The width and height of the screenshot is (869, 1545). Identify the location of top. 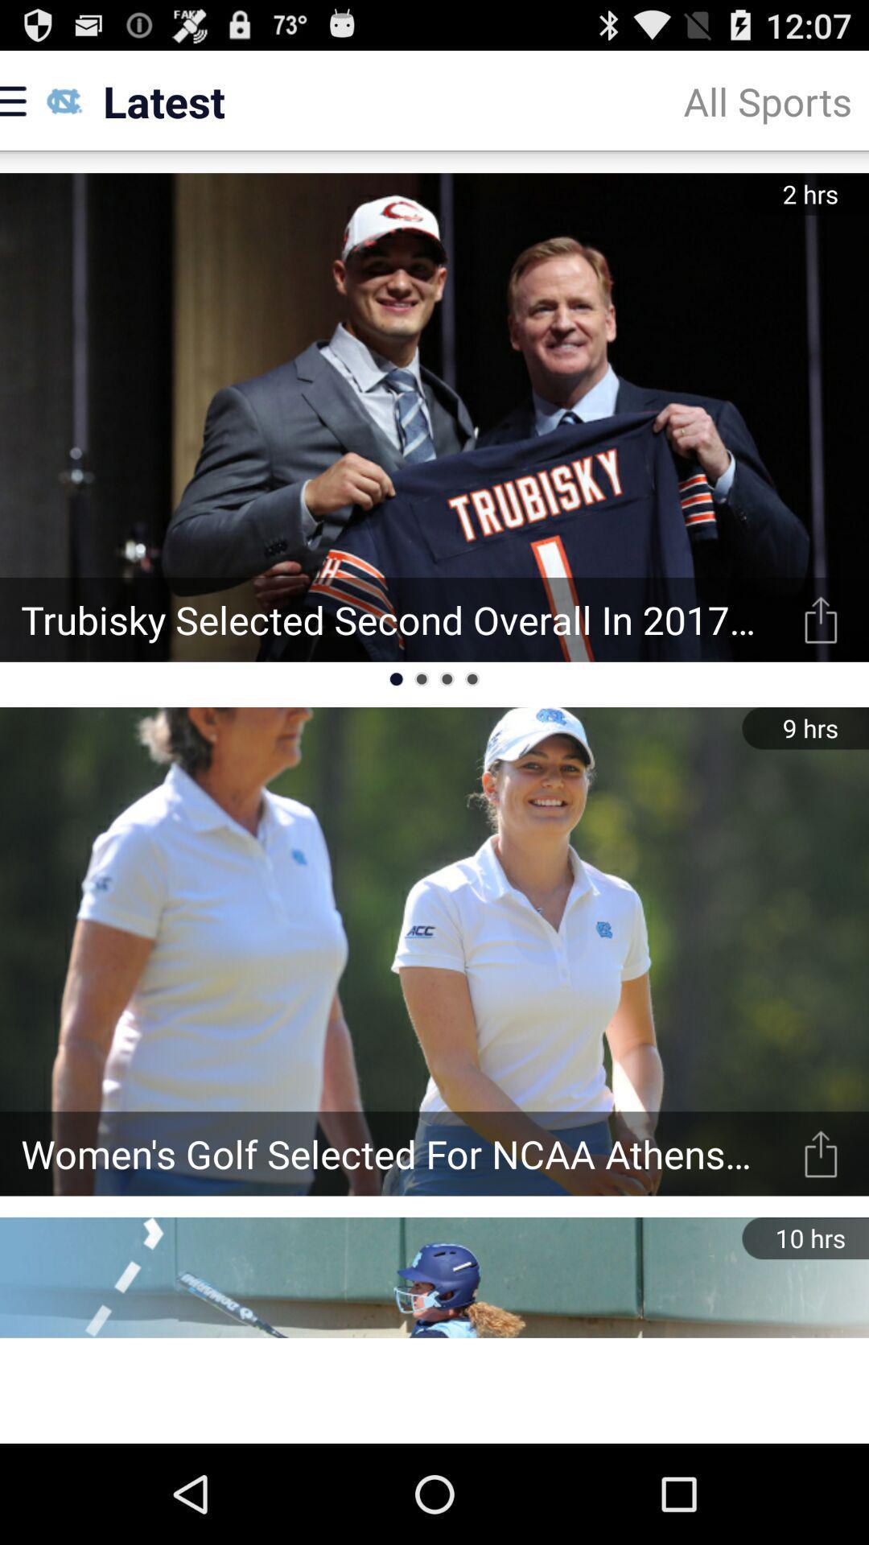
(821, 1153).